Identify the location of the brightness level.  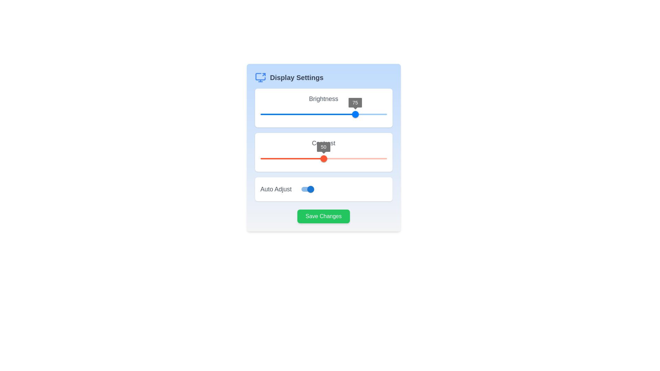
(377, 114).